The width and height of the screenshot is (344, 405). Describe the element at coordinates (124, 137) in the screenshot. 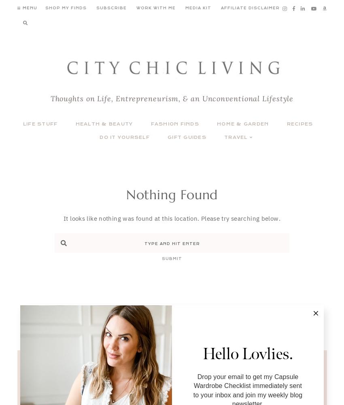

I see `'Do It Yourself'` at that location.